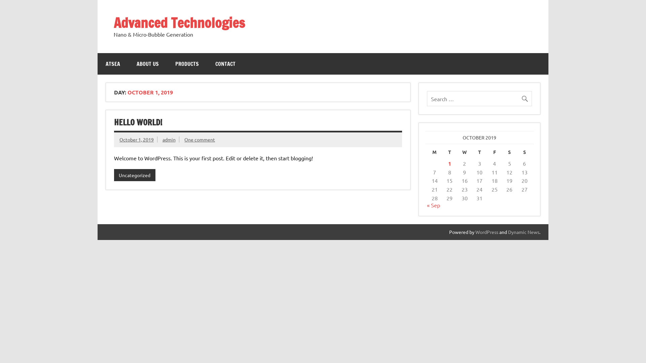 This screenshot has height=363, width=646. What do you see at coordinates (225, 64) in the screenshot?
I see `'CONTACT'` at bounding box center [225, 64].